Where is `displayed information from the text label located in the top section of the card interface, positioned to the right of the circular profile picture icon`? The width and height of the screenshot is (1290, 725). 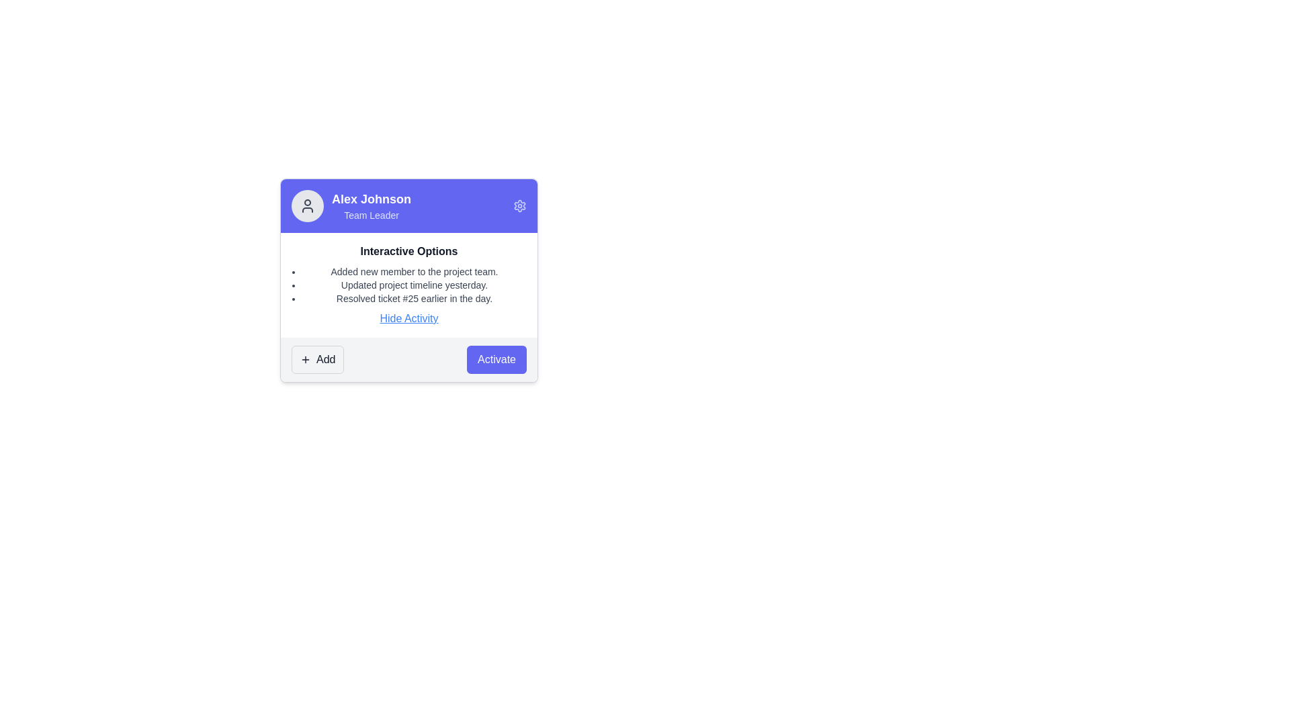
displayed information from the text label located in the top section of the card interface, positioned to the right of the circular profile picture icon is located at coordinates (371, 206).